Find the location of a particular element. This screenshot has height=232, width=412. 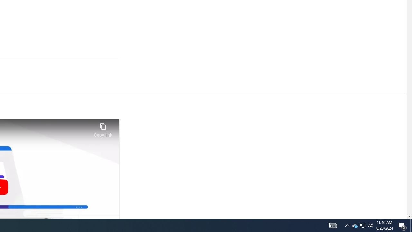

'Copy link' is located at coordinates (103, 128).